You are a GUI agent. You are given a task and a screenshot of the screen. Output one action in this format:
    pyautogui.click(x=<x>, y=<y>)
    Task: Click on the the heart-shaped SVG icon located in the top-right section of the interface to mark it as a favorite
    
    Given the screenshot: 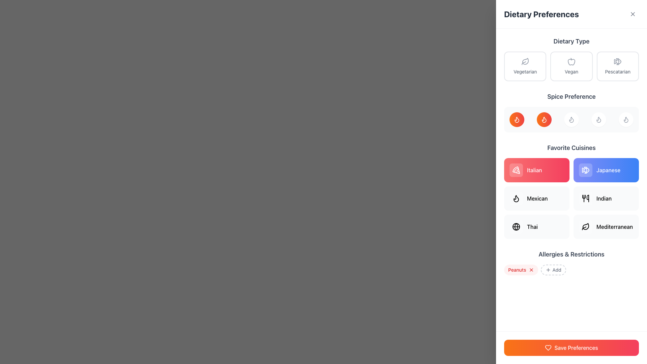 What is the action you would take?
    pyautogui.click(x=548, y=348)
    